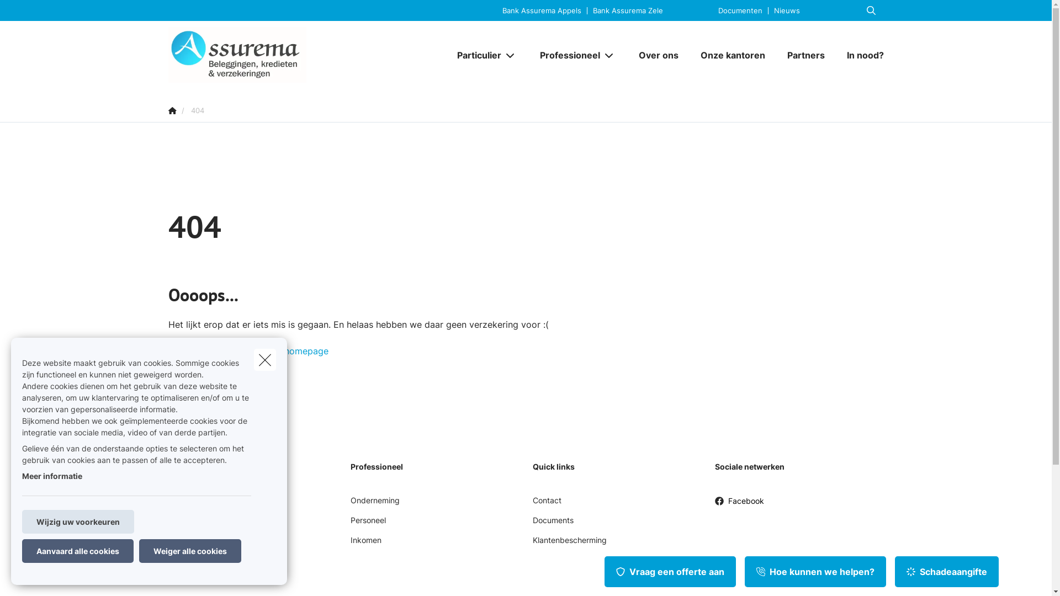 Image resolution: width=1060 pixels, height=596 pixels. I want to click on 'Meer informatie', so click(22, 475).